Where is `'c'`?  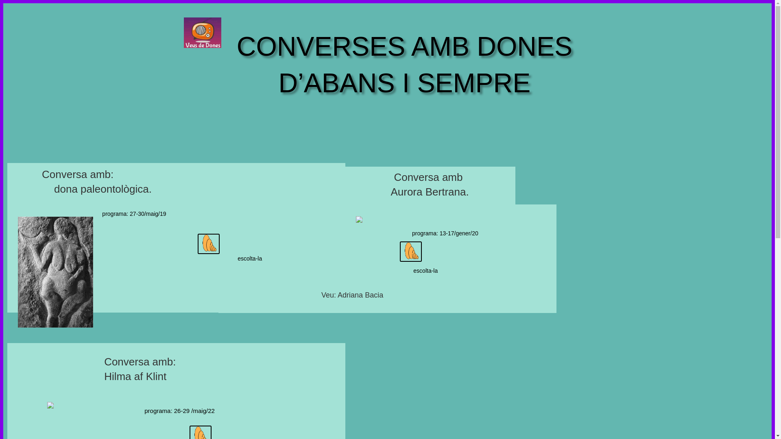 'c' is located at coordinates (400, 251).